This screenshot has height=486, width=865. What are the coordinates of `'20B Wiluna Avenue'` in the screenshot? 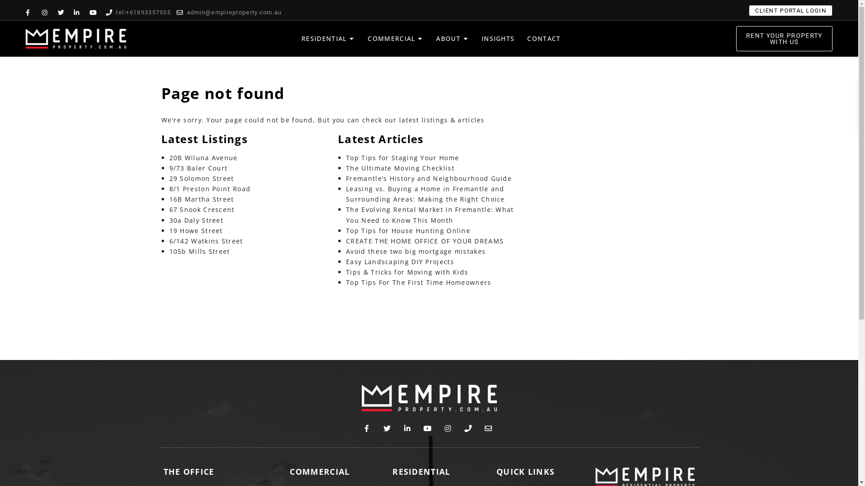 It's located at (203, 157).